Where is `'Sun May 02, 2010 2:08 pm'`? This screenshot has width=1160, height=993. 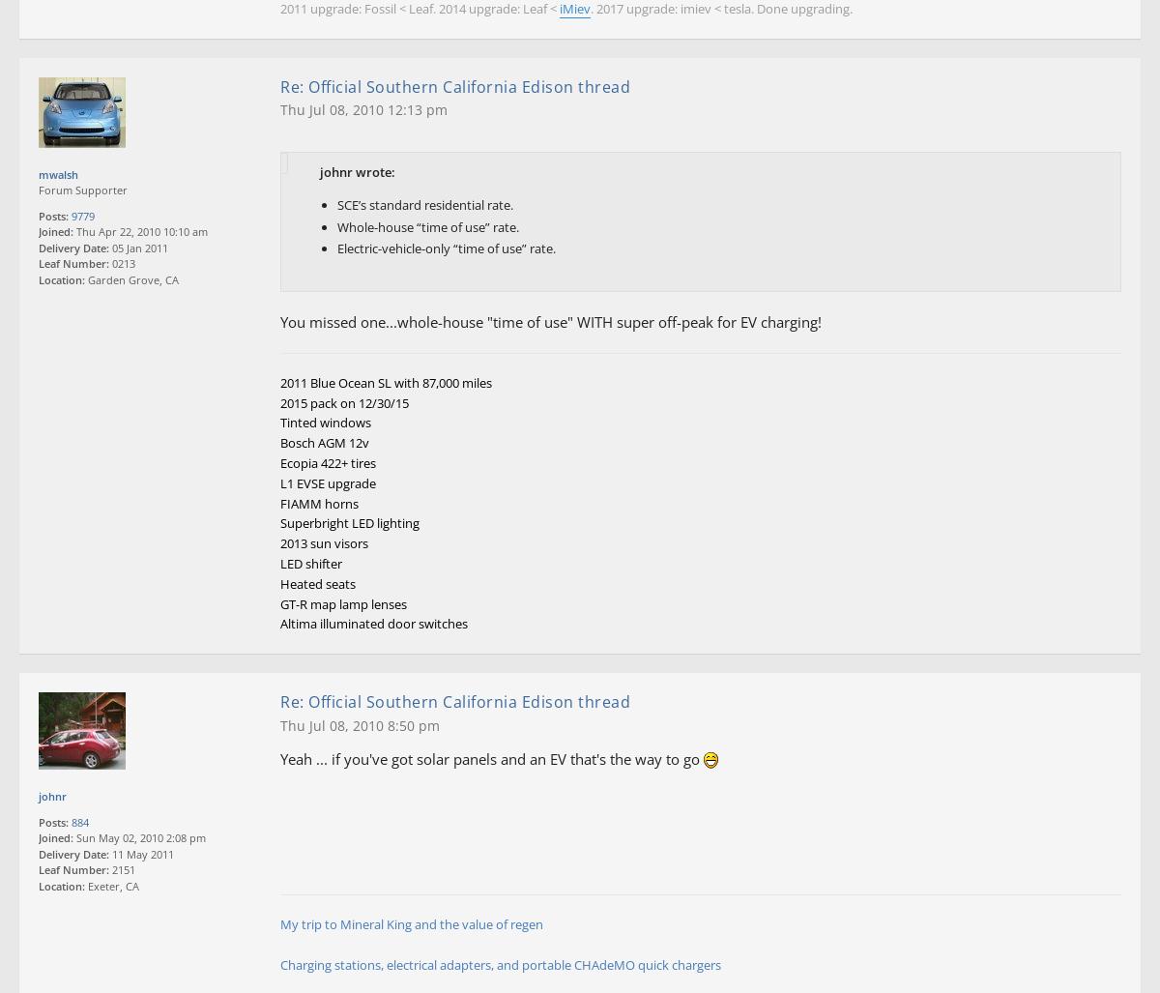
'Sun May 02, 2010 2:08 pm' is located at coordinates (139, 836).